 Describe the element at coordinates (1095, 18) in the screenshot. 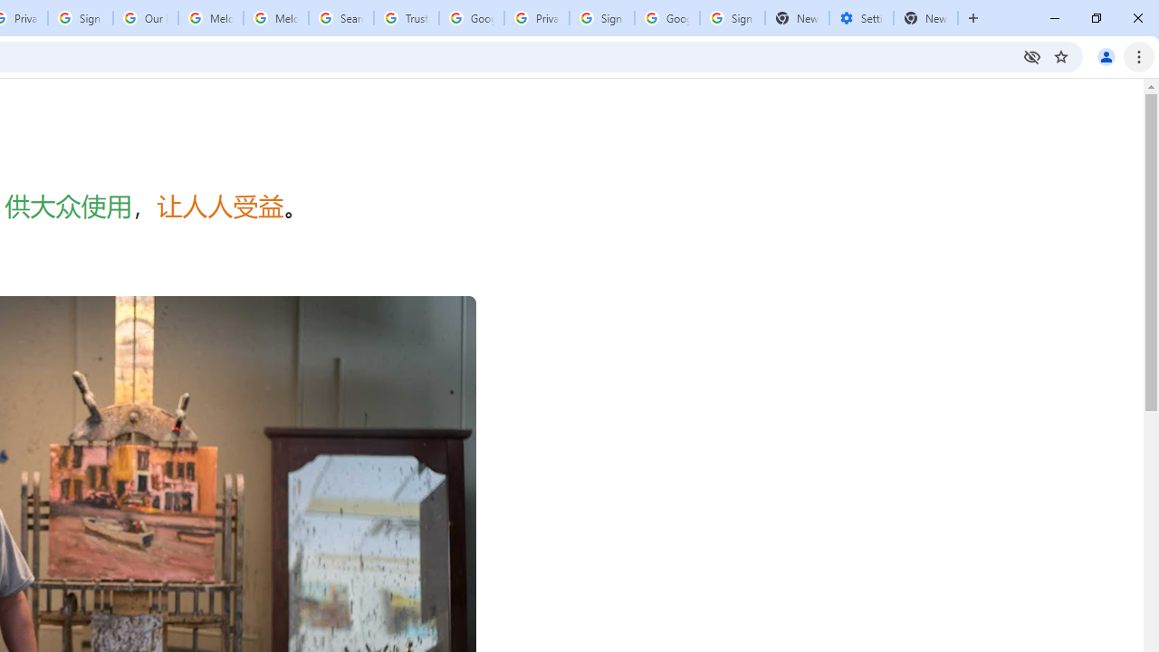

I see `'Restore'` at that location.